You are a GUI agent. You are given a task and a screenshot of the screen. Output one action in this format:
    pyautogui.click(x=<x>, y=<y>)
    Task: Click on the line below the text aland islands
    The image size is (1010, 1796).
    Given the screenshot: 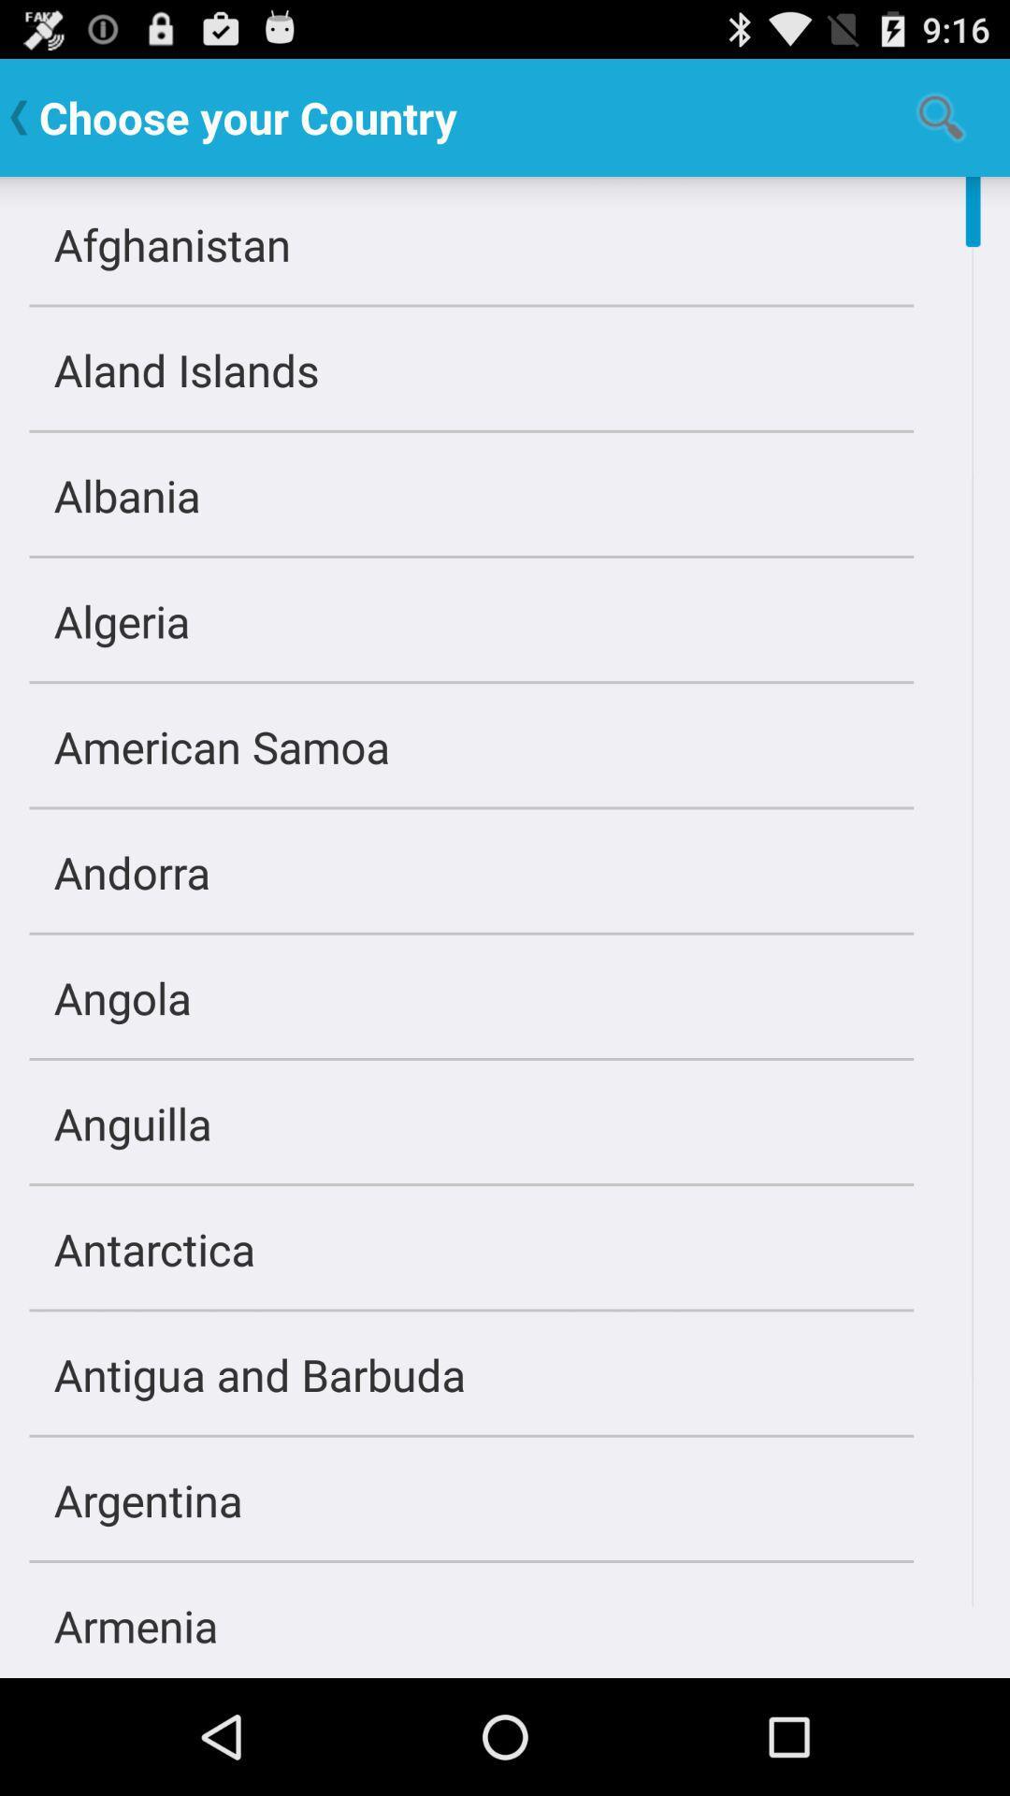 What is the action you would take?
    pyautogui.click(x=470, y=430)
    